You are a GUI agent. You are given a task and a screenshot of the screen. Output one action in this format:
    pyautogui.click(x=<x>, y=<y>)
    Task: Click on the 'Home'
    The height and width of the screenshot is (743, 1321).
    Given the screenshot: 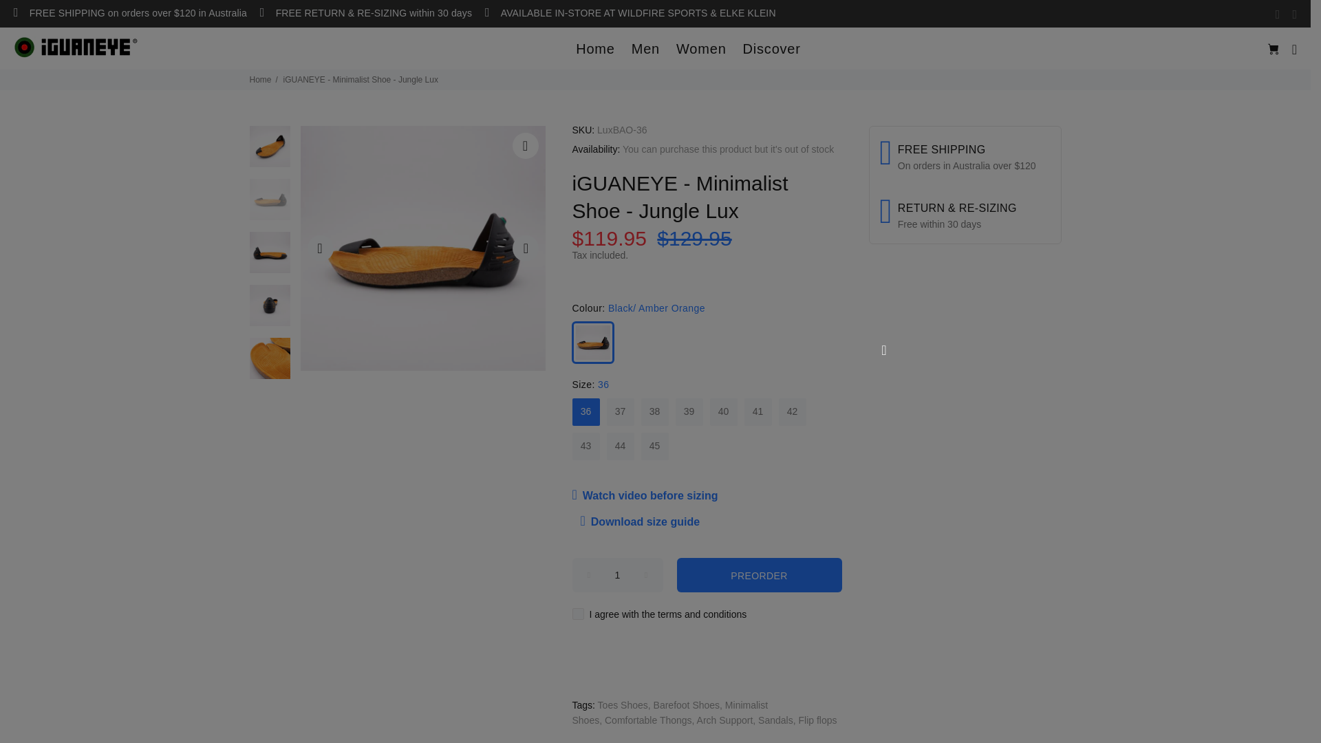 What is the action you would take?
    pyautogui.click(x=248, y=79)
    